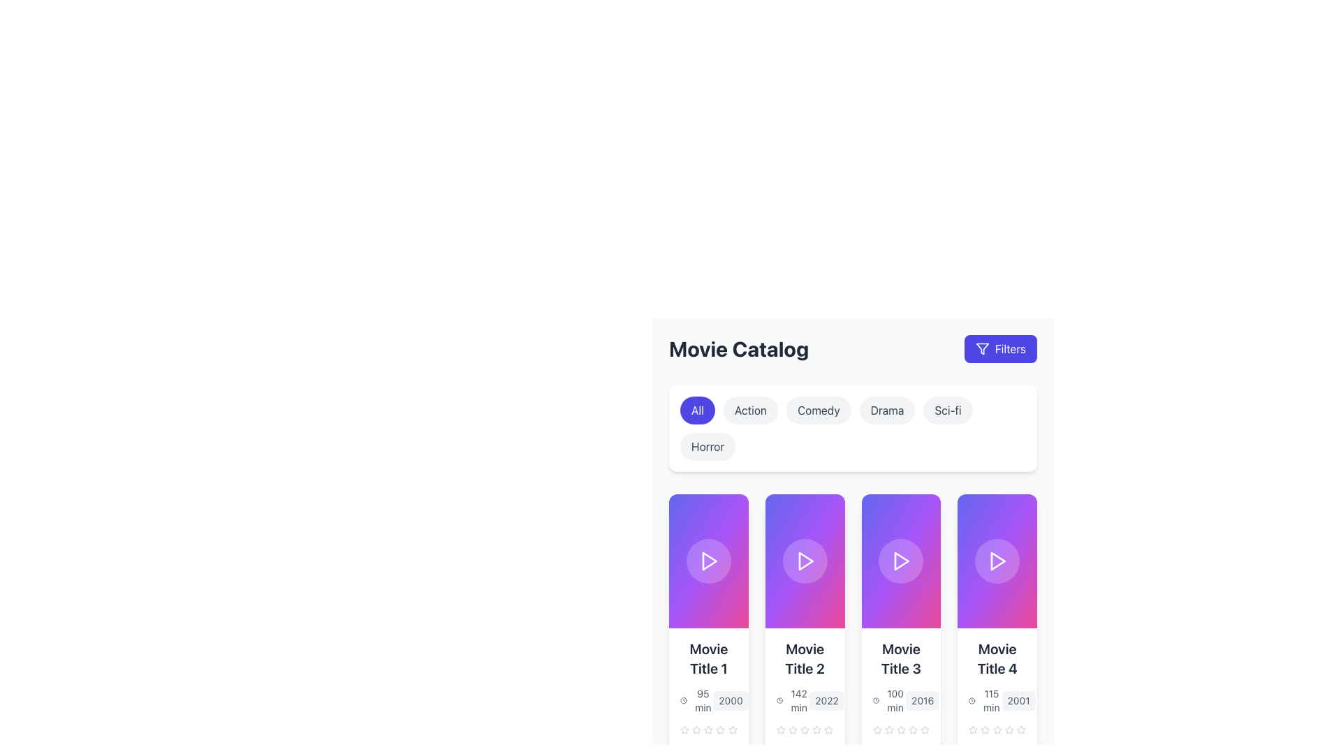 This screenshot has width=1341, height=754. I want to click on the clock icon in the group layout providing movie duration and release year information for 'Movie Title 1', so click(708, 700).